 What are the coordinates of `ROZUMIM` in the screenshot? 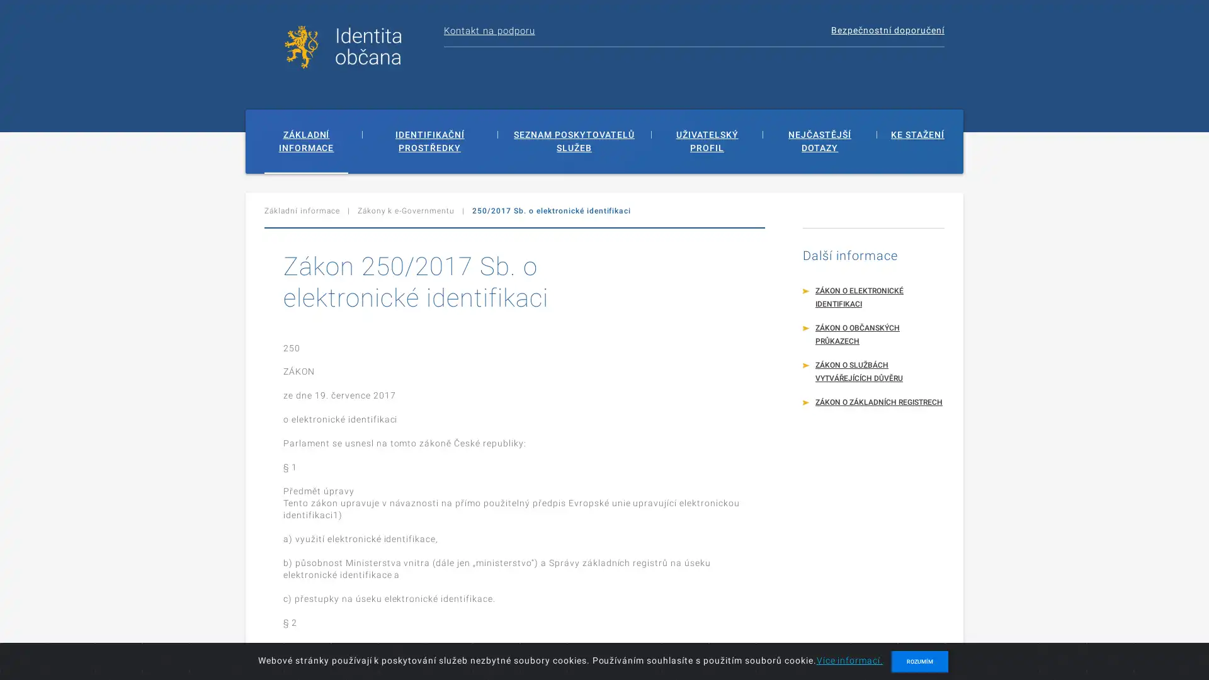 It's located at (919, 660).